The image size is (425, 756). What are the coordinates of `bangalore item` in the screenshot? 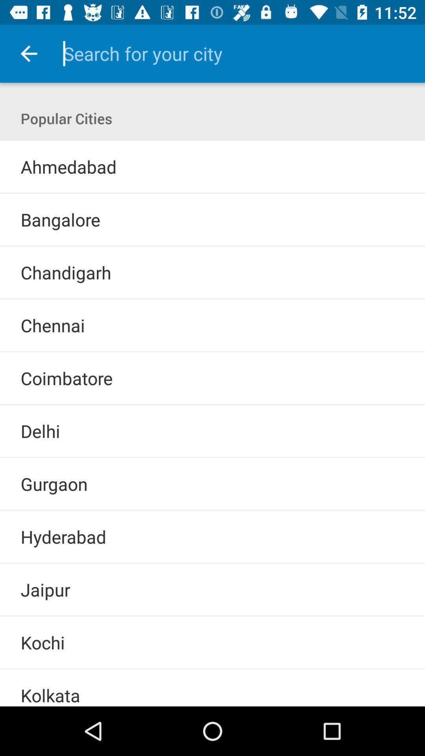 It's located at (60, 219).